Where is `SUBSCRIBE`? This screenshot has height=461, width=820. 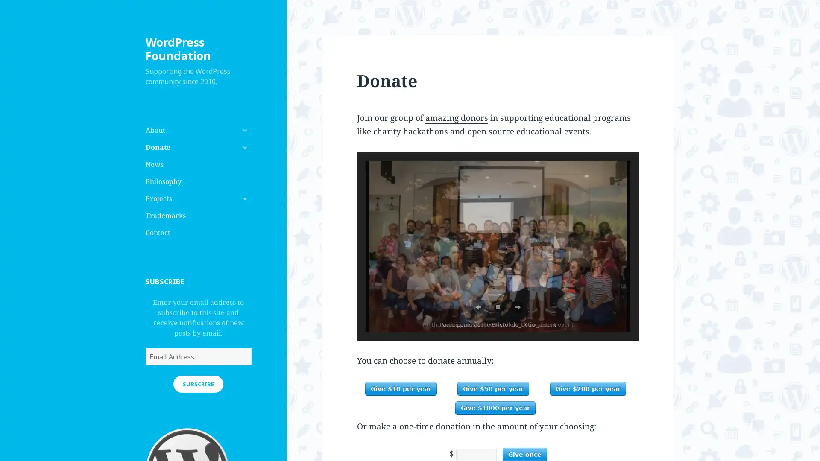
SUBSCRIBE is located at coordinates (198, 383).